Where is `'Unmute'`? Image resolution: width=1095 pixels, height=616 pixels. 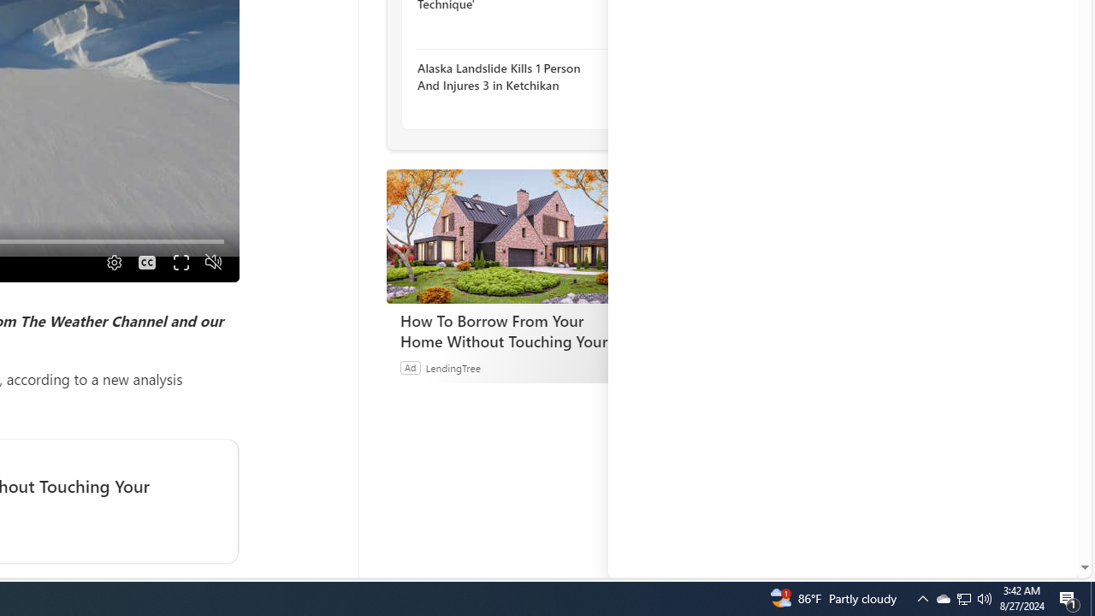
'Unmute' is located at coordinates (212, 262).